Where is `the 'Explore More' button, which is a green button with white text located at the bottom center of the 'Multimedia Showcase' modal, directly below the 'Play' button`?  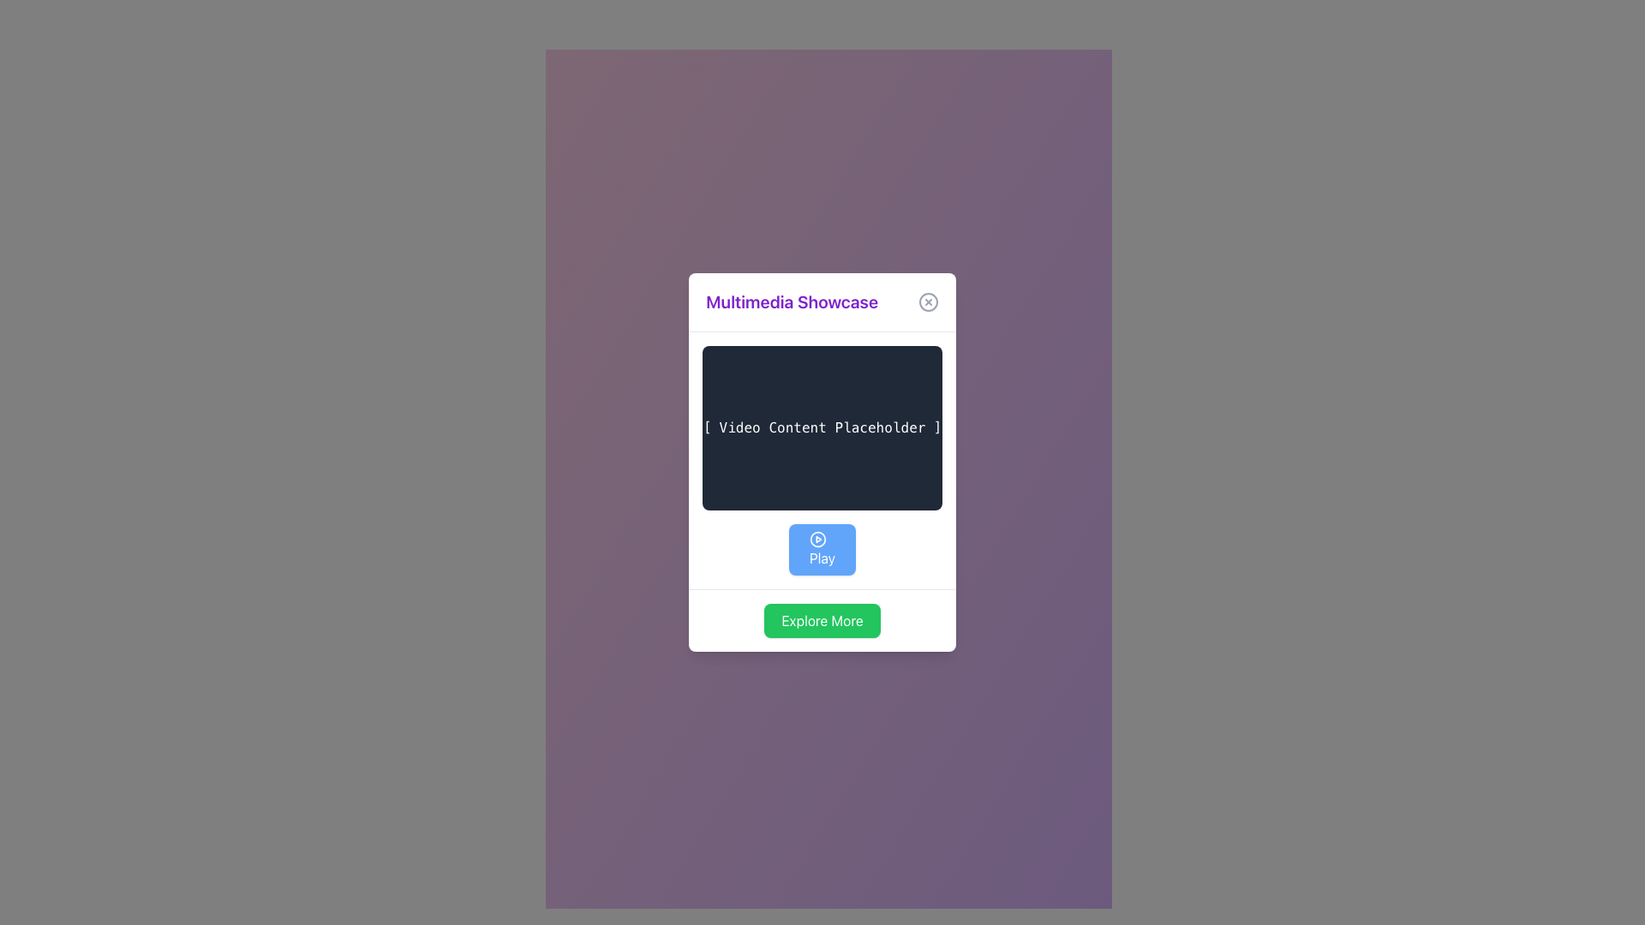
the 'Explore More' button, which is a green button with white text located at the bottom center of the 'Multimedia Showcase' modal, directly below the 'Play' button is located at coordinates (822, 620).